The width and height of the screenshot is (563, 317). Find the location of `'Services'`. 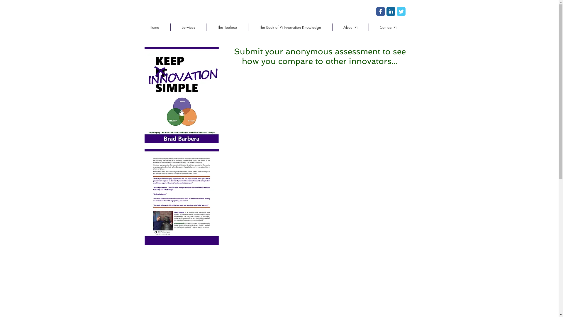

'Services' is located at coordinates (188, 27).